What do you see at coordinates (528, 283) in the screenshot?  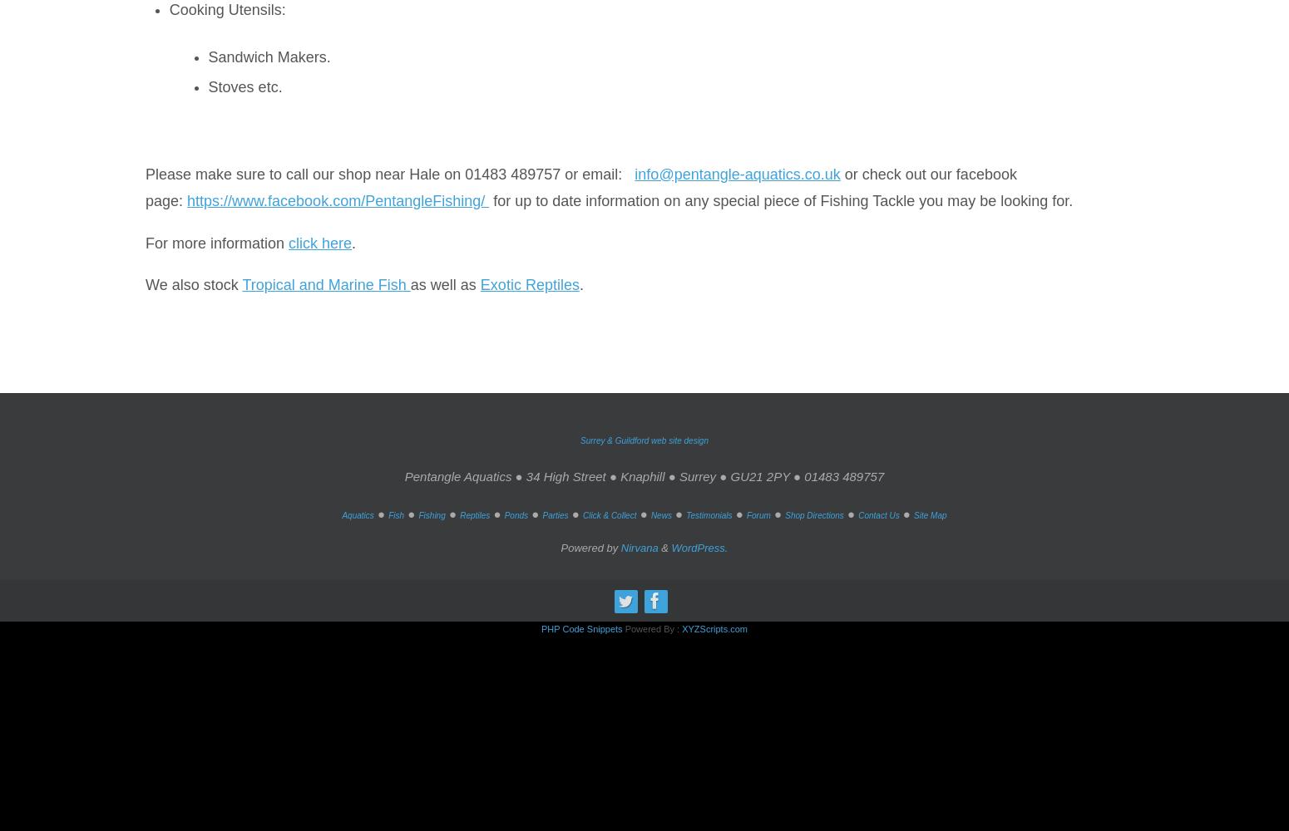 I see `'Exotic Reptiles'` at bounding box center [528, 283].